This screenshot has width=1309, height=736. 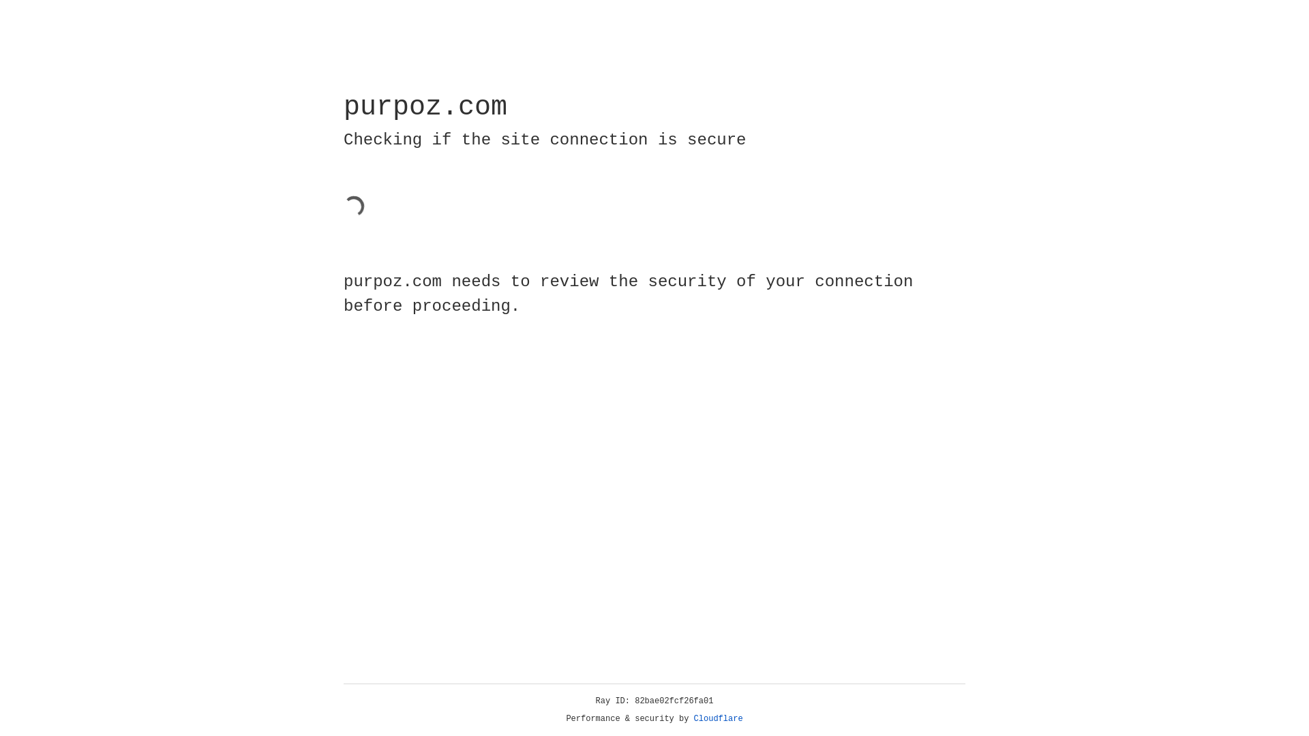 What do you see at coordinates (718, 718) in the screenshot?
I see `'Cloudflare'` at bounding box center [718, 718].